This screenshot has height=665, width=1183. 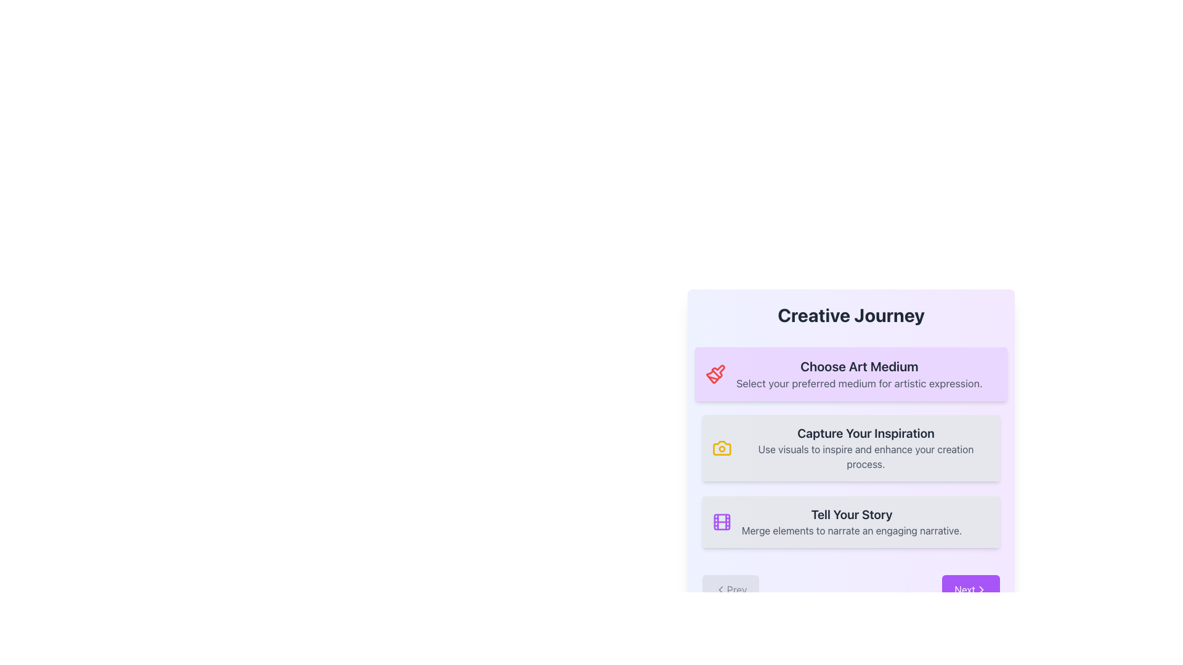 What do you see at coordinates (981, 589) in the screenshot?
I see `the right-facing chevron icon located at the far-right end of the 'Next' button` at bounding box center [981, 589].